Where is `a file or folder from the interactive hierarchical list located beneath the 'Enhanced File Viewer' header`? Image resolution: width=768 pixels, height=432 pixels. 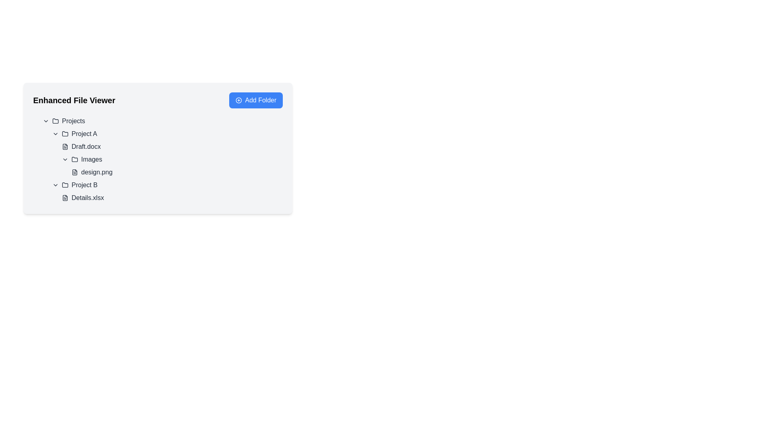
a file or folder from the interactive hierarchical list located beneath the 'Enhanced File Viewer' header is located at coordinates (158, 159).